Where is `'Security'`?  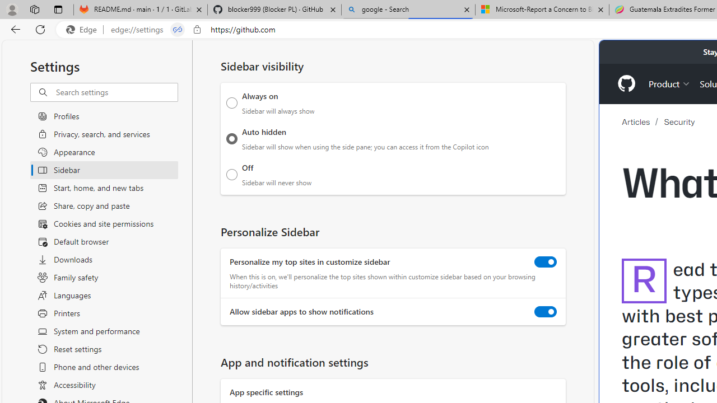
'Security' is located at coordinates (679, 122).